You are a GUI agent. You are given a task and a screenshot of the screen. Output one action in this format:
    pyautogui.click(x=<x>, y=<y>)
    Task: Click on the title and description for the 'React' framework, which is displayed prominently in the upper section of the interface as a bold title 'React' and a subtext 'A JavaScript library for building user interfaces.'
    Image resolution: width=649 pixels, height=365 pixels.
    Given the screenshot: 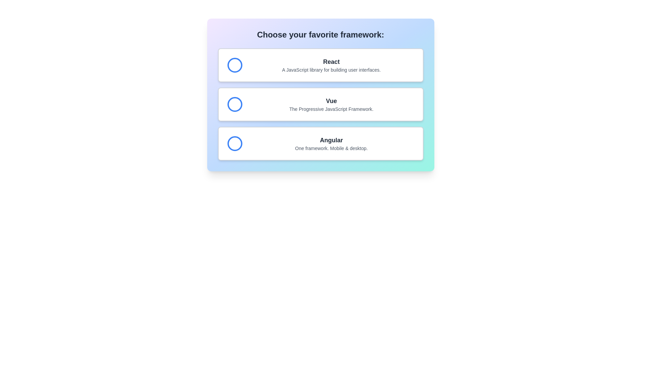 What is the action you would take?
    pyautogui.click(x=331, y=65)
    